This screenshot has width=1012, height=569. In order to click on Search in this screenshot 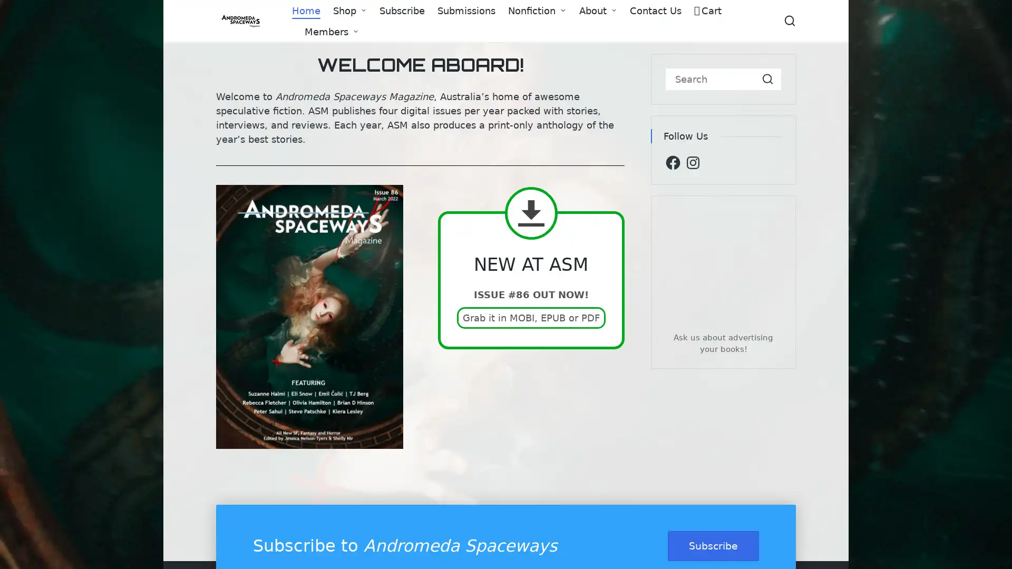, I will do `click(767, 79)`.